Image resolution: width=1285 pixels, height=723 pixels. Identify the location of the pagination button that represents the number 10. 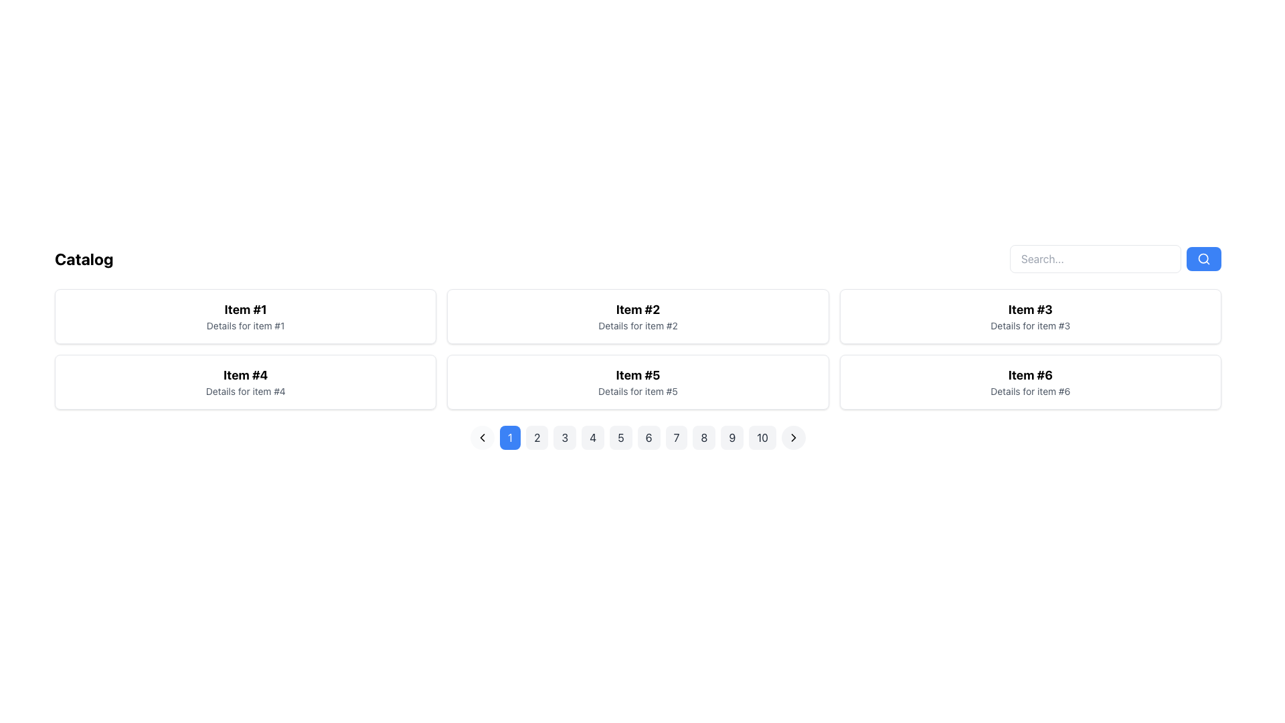
(762, 438).